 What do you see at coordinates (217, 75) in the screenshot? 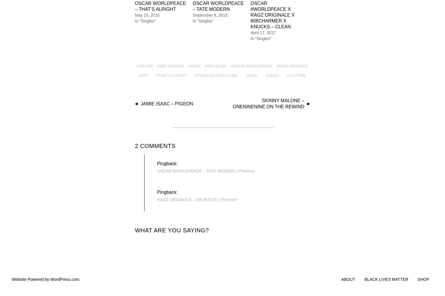
I see `'Tonga Balloon Gang'` at bounding box center [217, 75].